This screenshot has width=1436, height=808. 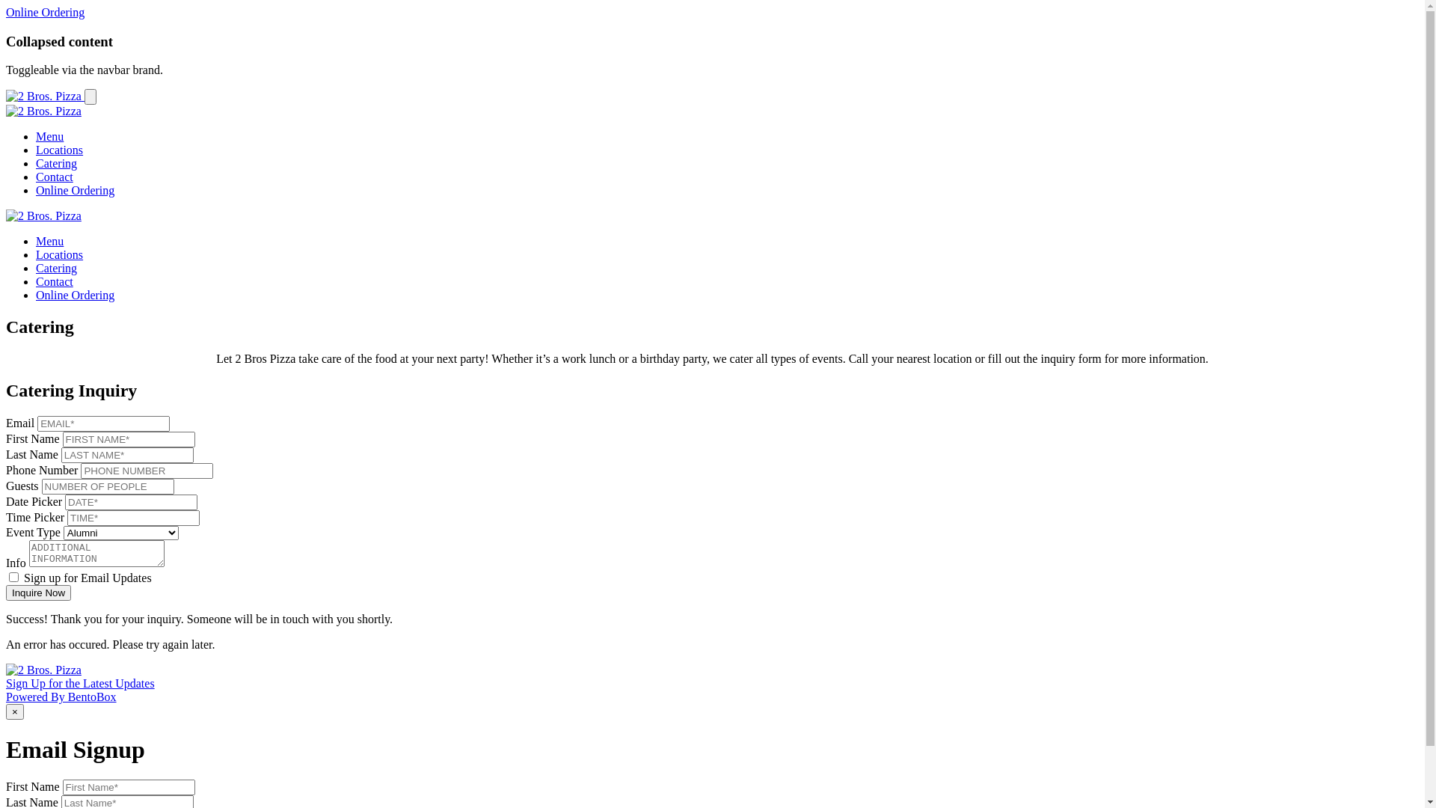 I want to click on 'Sign Up for the Latest Updates', so click(x=6, y=683).